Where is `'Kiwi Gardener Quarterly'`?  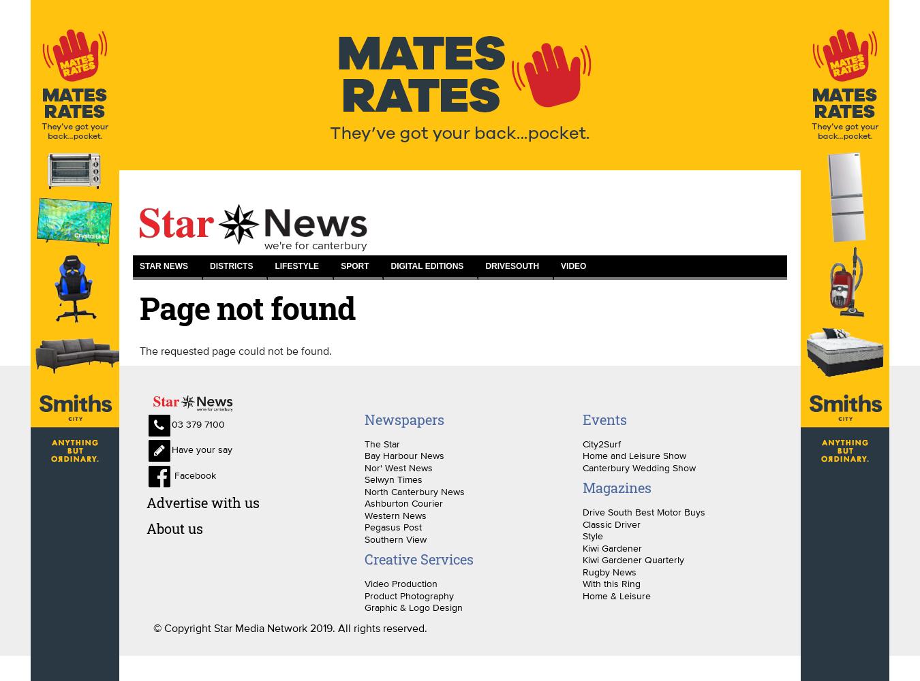 'Kiwi Gardener Quarterly' is located at coordinates (632, 559).